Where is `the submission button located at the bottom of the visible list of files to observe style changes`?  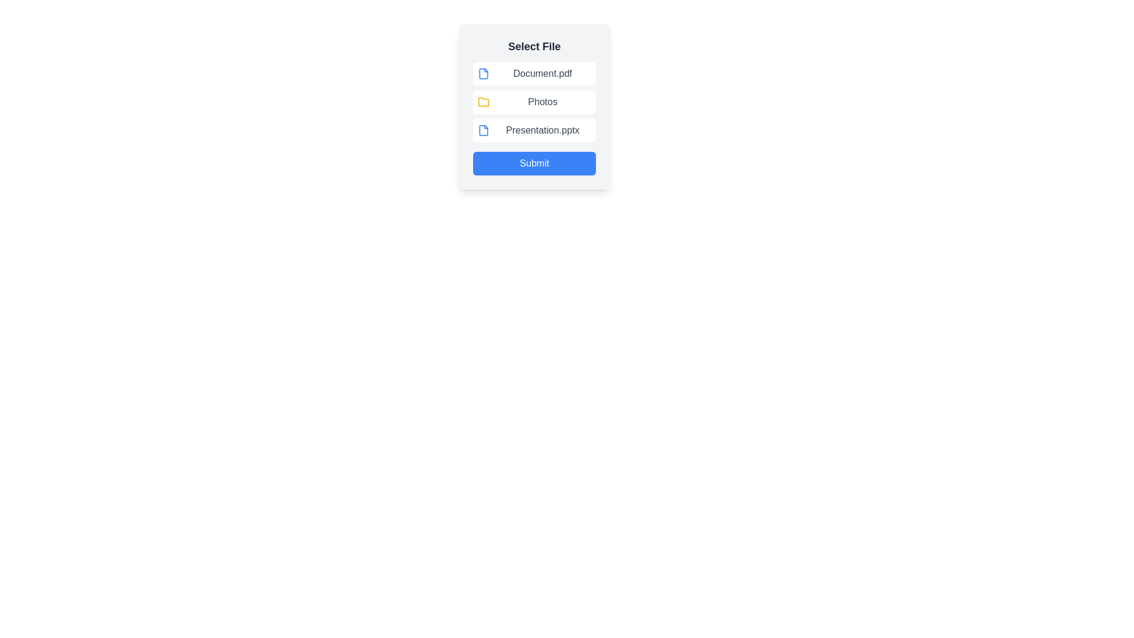
the submission button located at the bottom of the visible list of files to observe style changes is located at coordinates (534, 164).